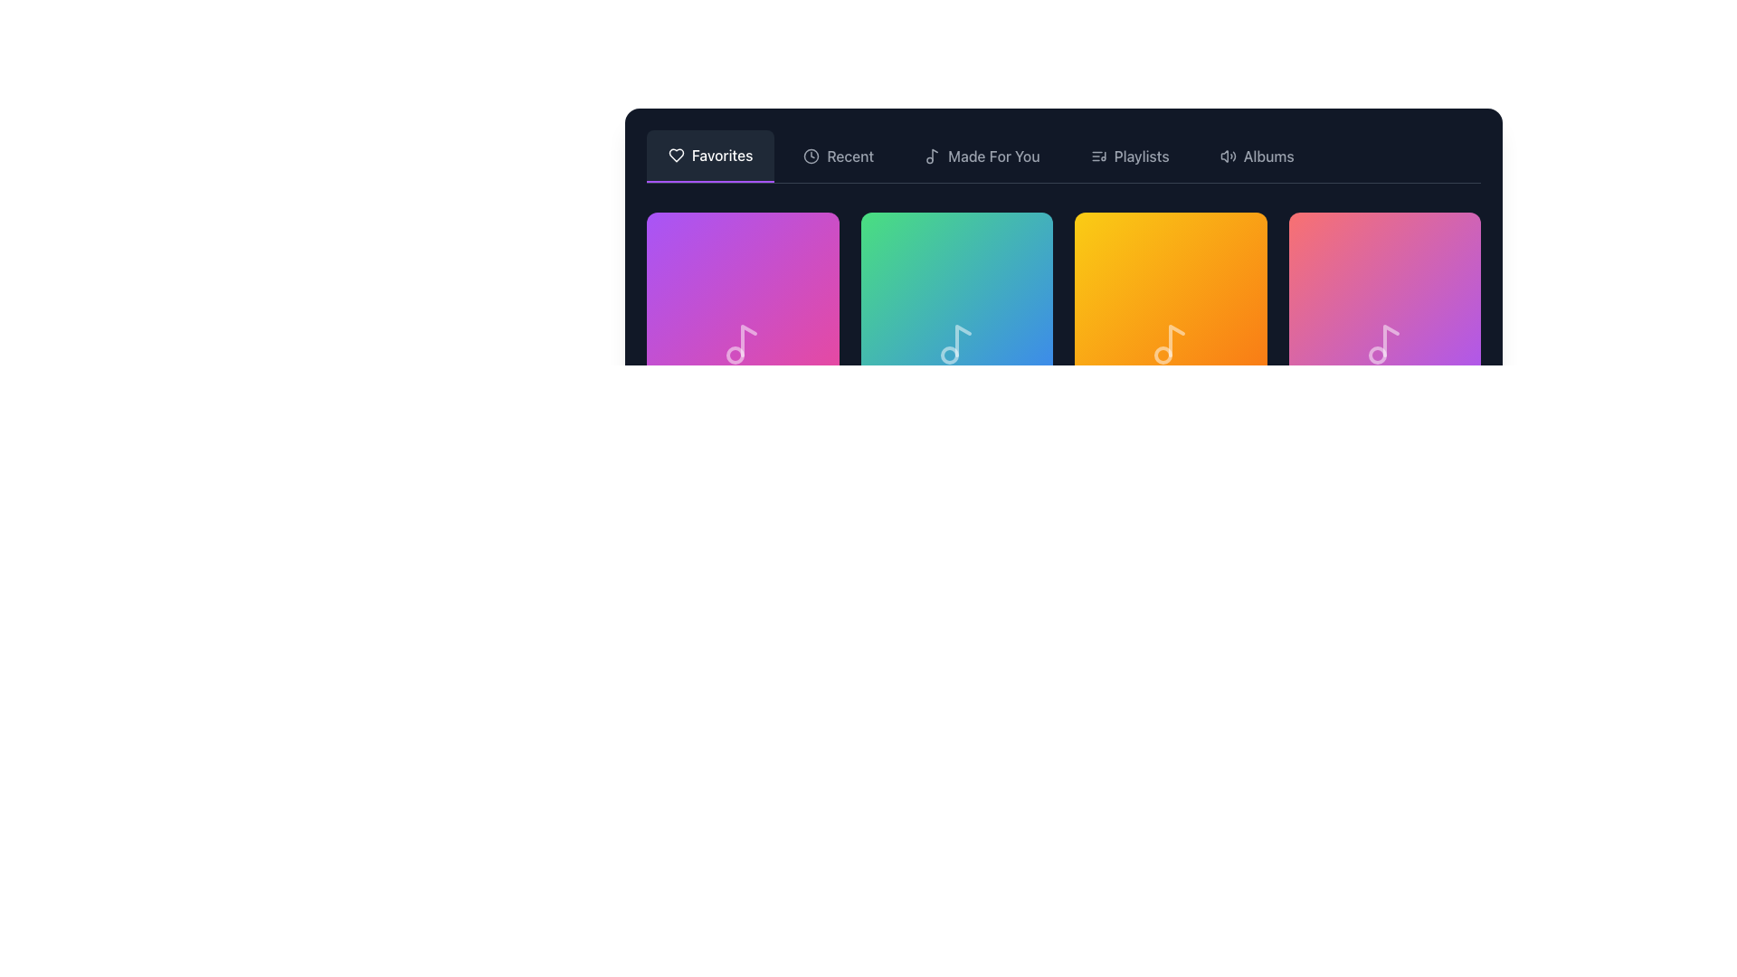  Describe the element at coordinates (1097, 156) in the screenshot. I see `the 'Playlists' icon located in the header navigation menu, positioned before the text label 'Playlists'` at that location.